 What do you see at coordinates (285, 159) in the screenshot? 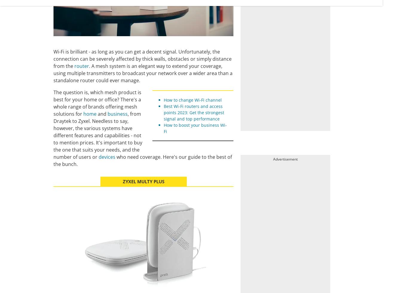
I see `'Advertisement'` at bounding box center [285, 159].